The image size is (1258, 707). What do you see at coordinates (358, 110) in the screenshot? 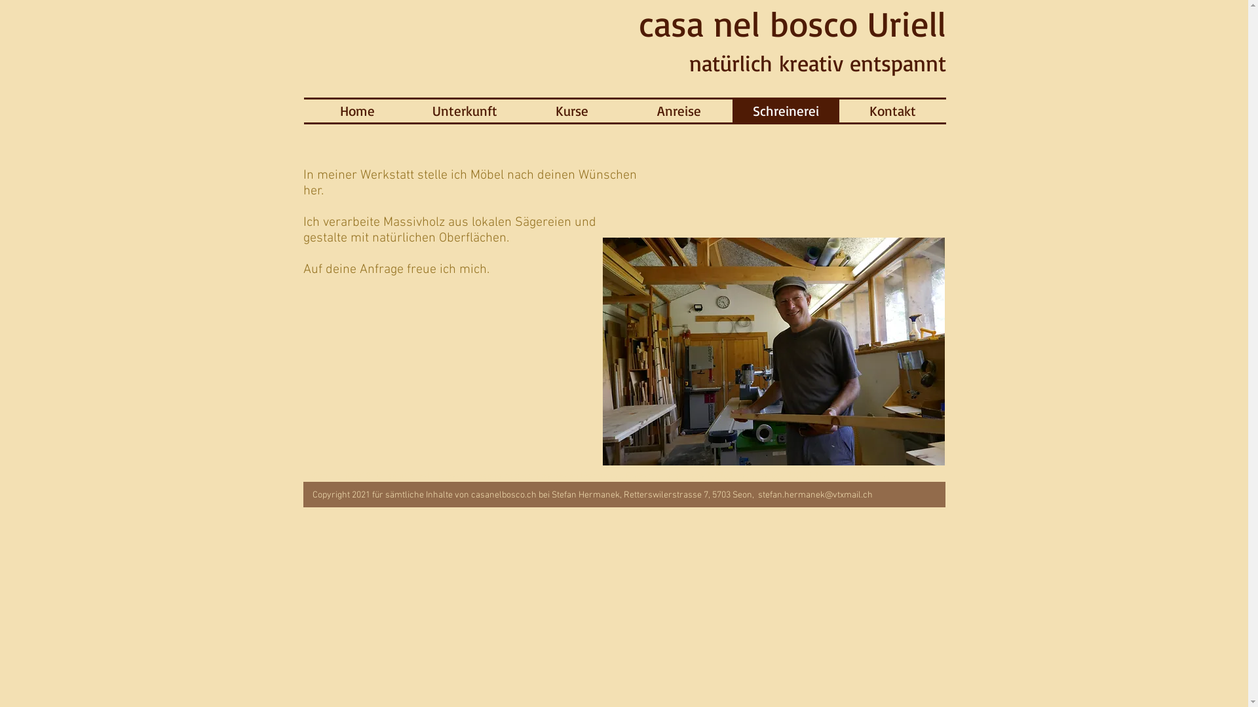
I see `'Home'` at bounding box center [358, 110].